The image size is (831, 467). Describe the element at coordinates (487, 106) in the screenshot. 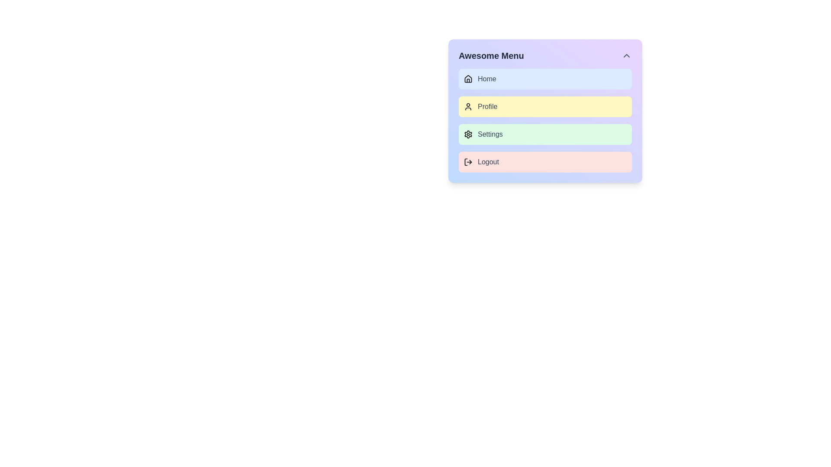

I see `the 'Profile' text label, which is the second item in the menu, displayed in gray on a yellow background, right-aligned next to a user icon` at that location.